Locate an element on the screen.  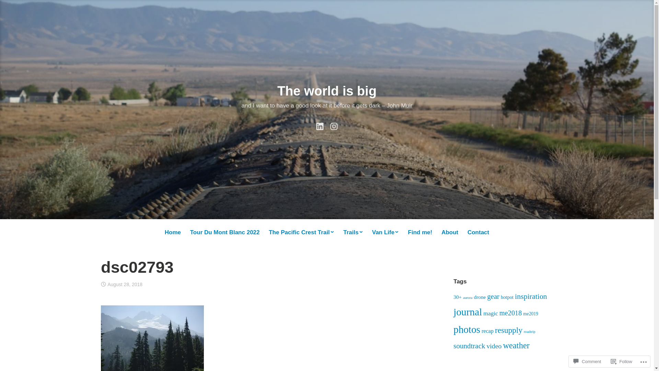
'me2018' is located at coordinates (499, 313).